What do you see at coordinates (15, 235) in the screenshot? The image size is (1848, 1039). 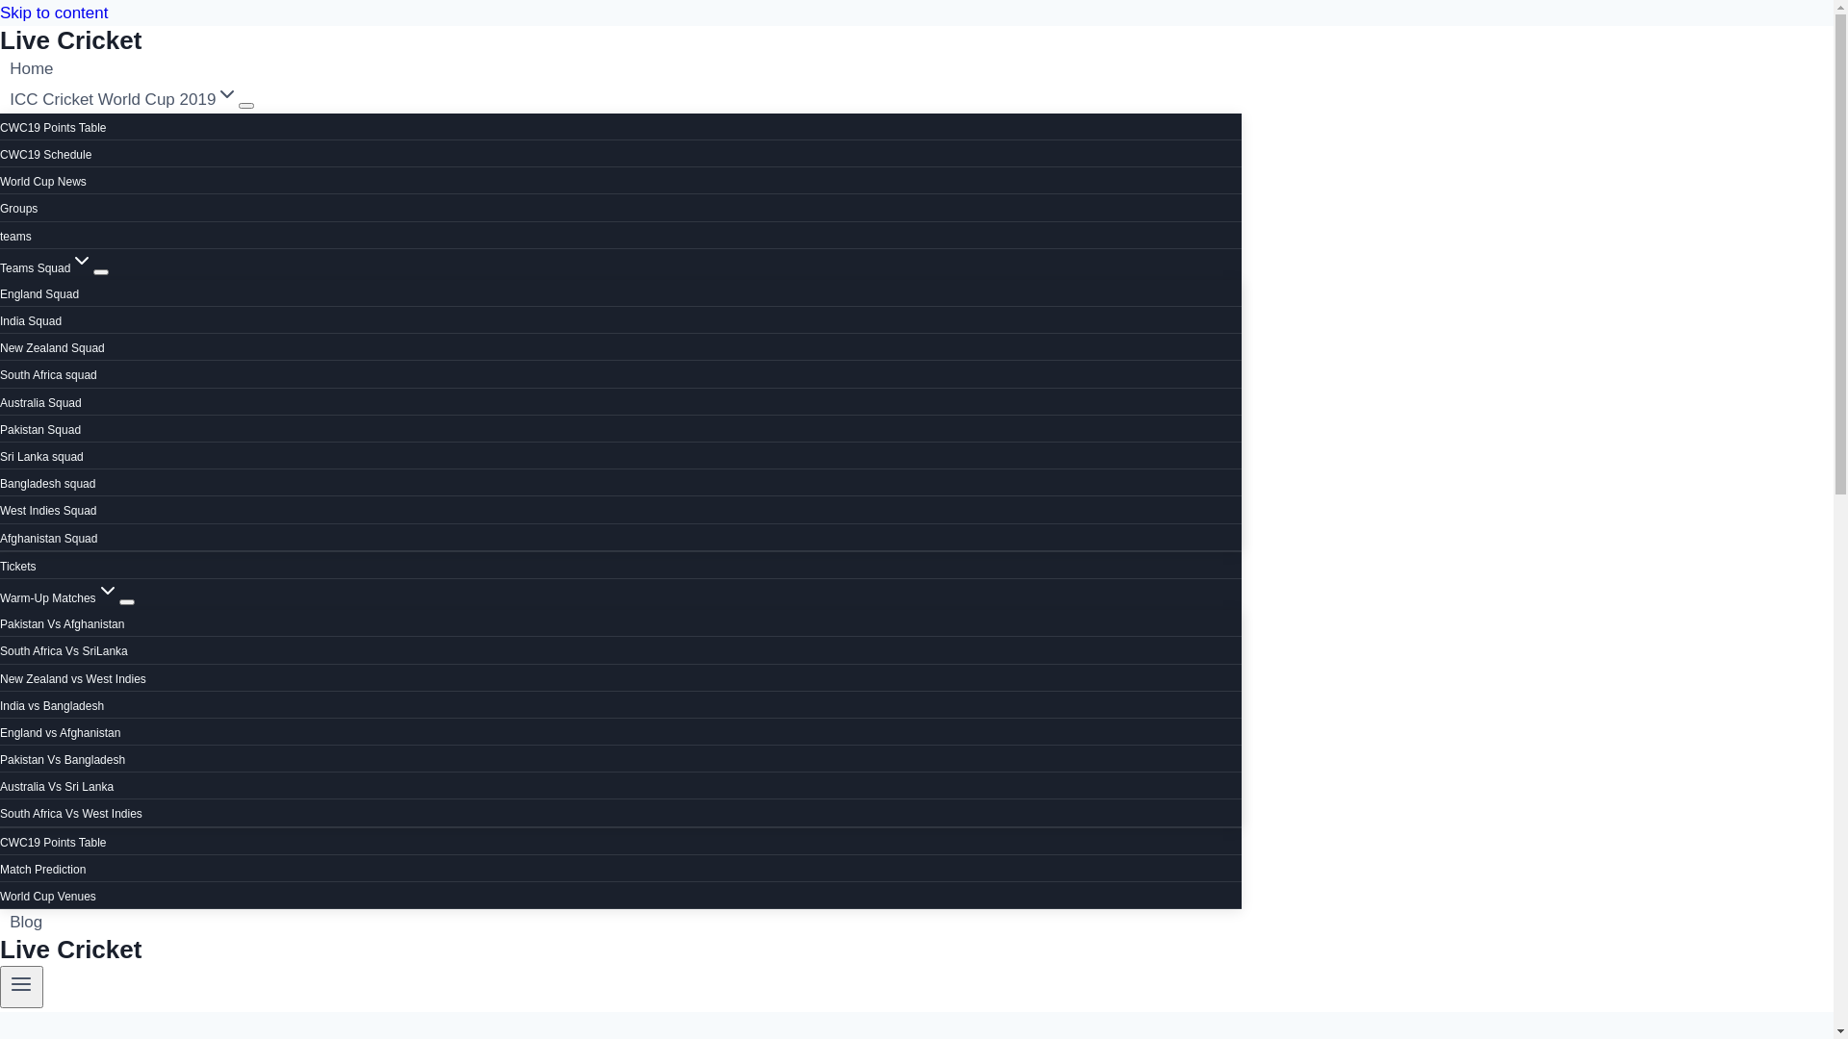 I see `'teams'` at bounding box center [15, 235].